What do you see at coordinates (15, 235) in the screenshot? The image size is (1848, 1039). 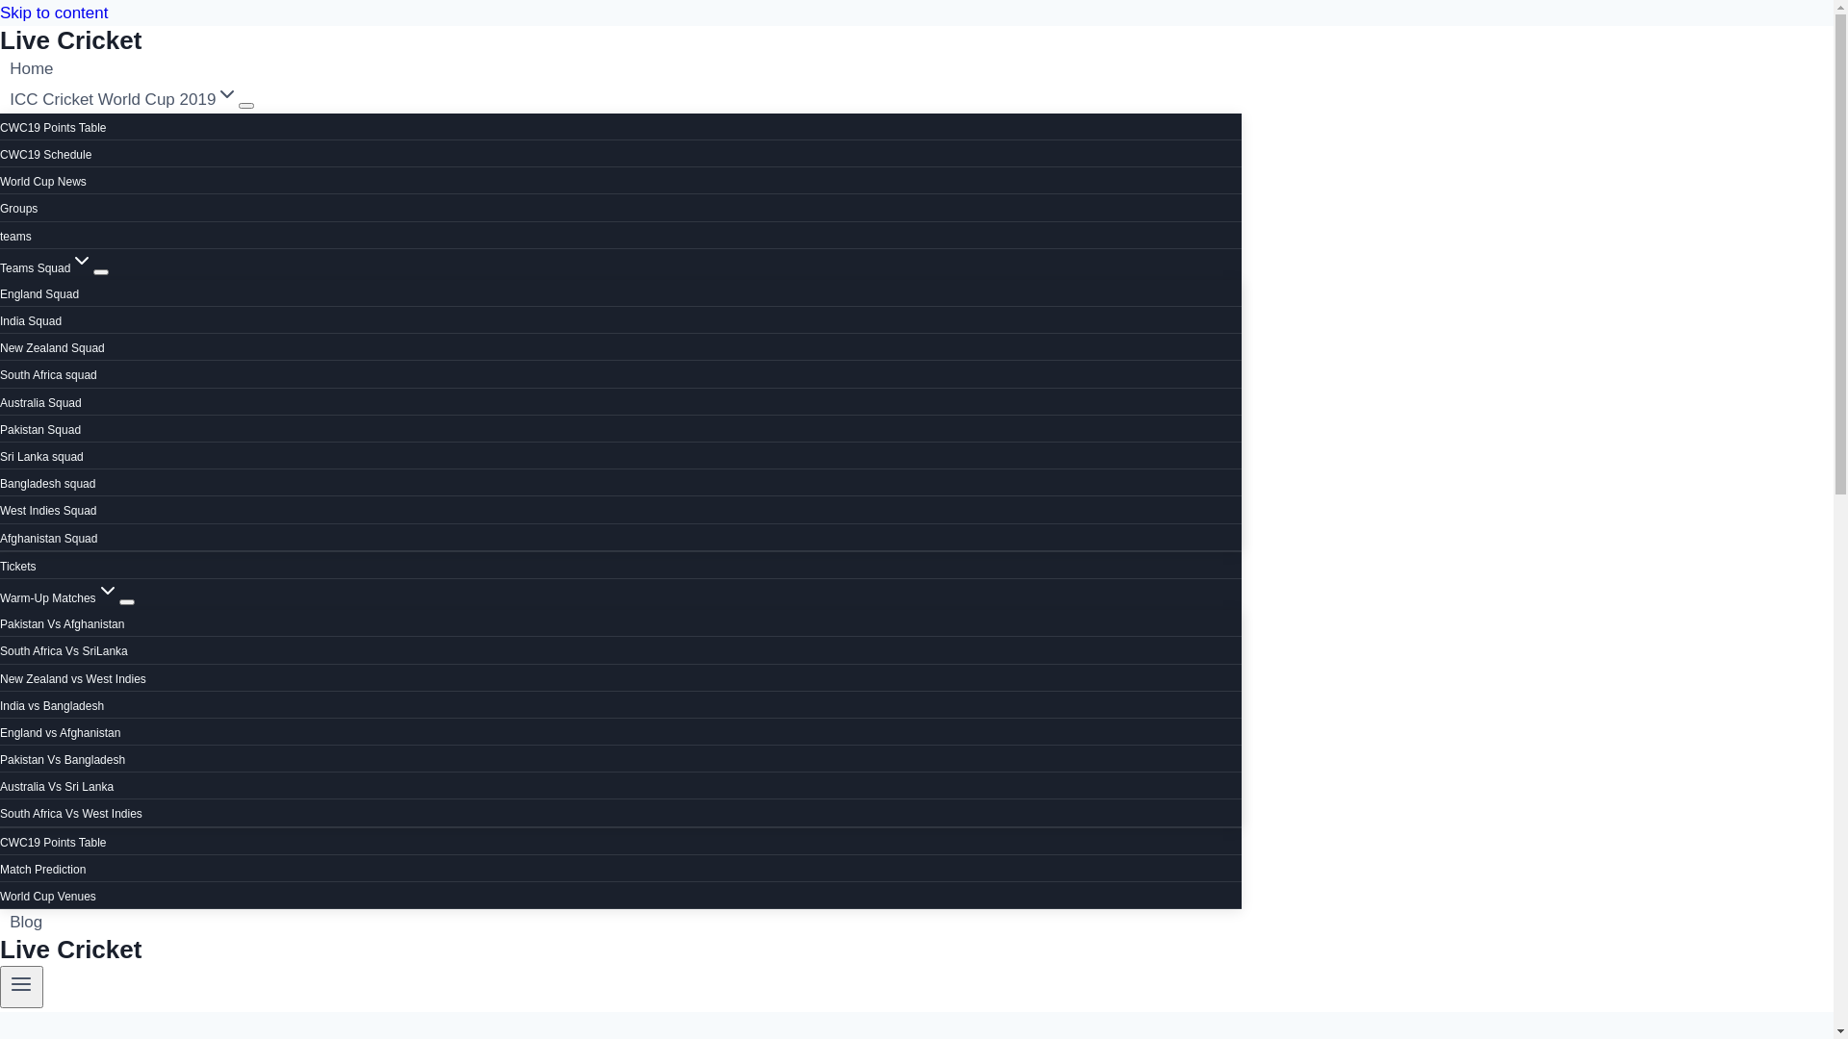 I see `'teams'` at bounding box center [15, 235].